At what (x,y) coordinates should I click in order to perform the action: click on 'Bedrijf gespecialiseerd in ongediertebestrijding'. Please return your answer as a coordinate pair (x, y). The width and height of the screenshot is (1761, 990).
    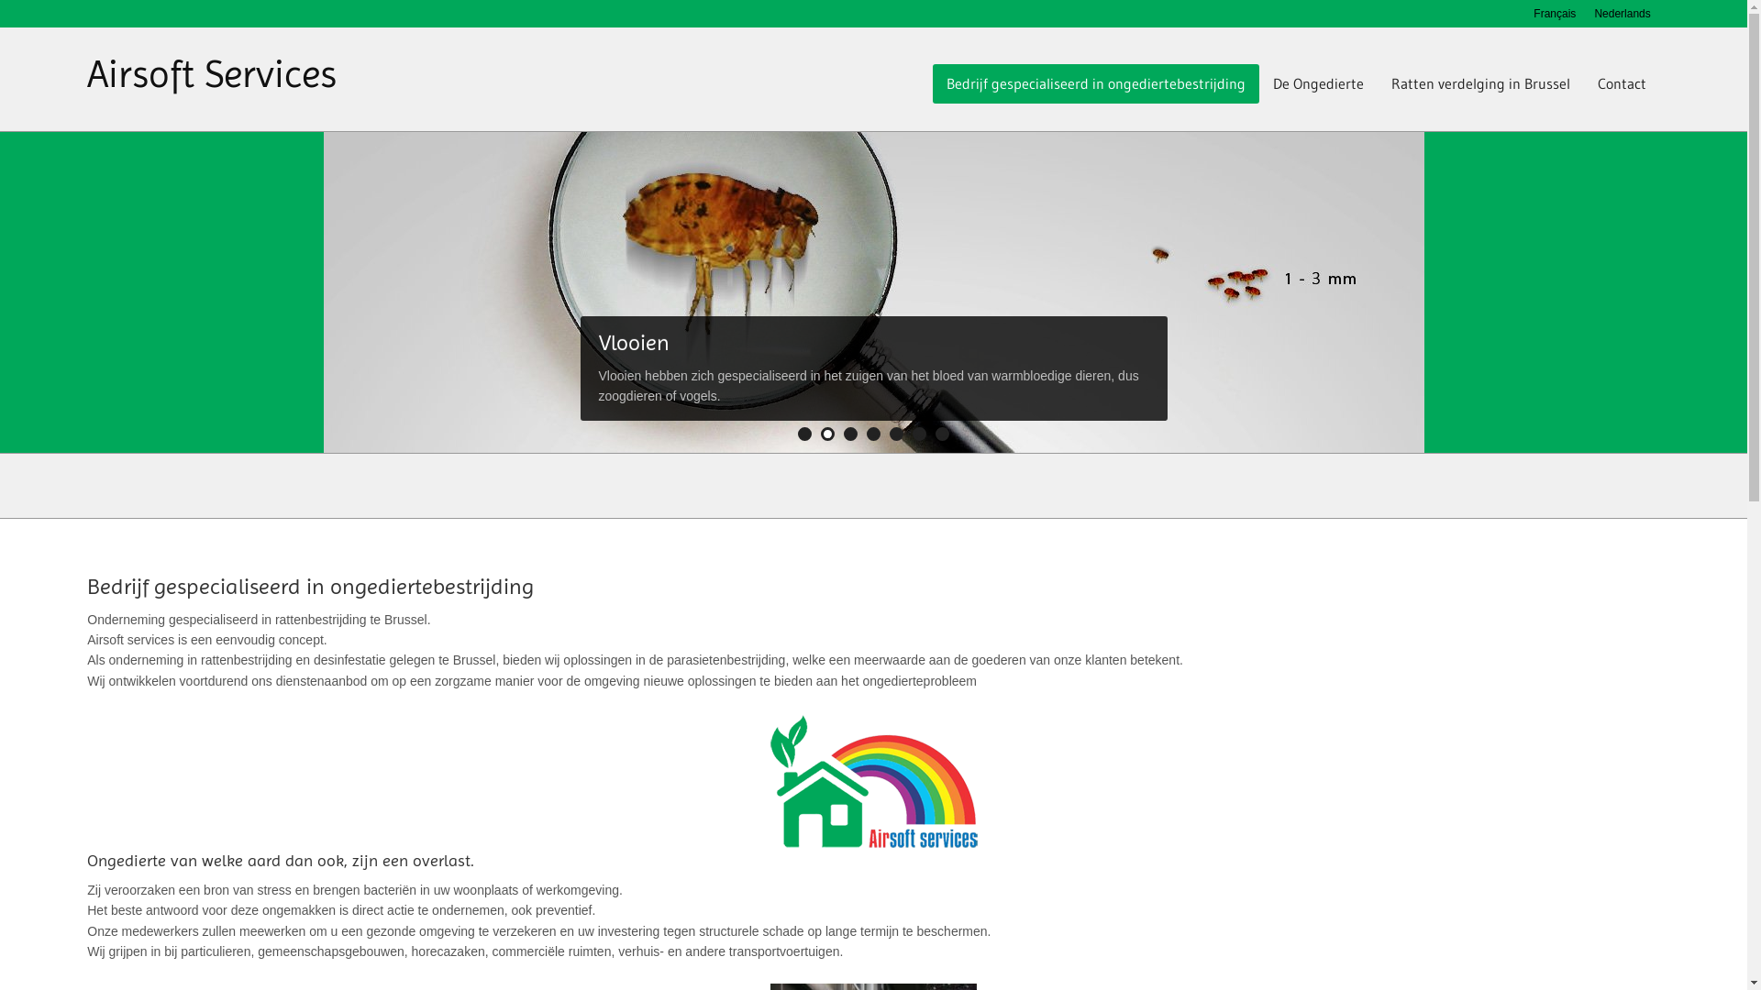
    Looking at the image, I should click on (1096, 83).